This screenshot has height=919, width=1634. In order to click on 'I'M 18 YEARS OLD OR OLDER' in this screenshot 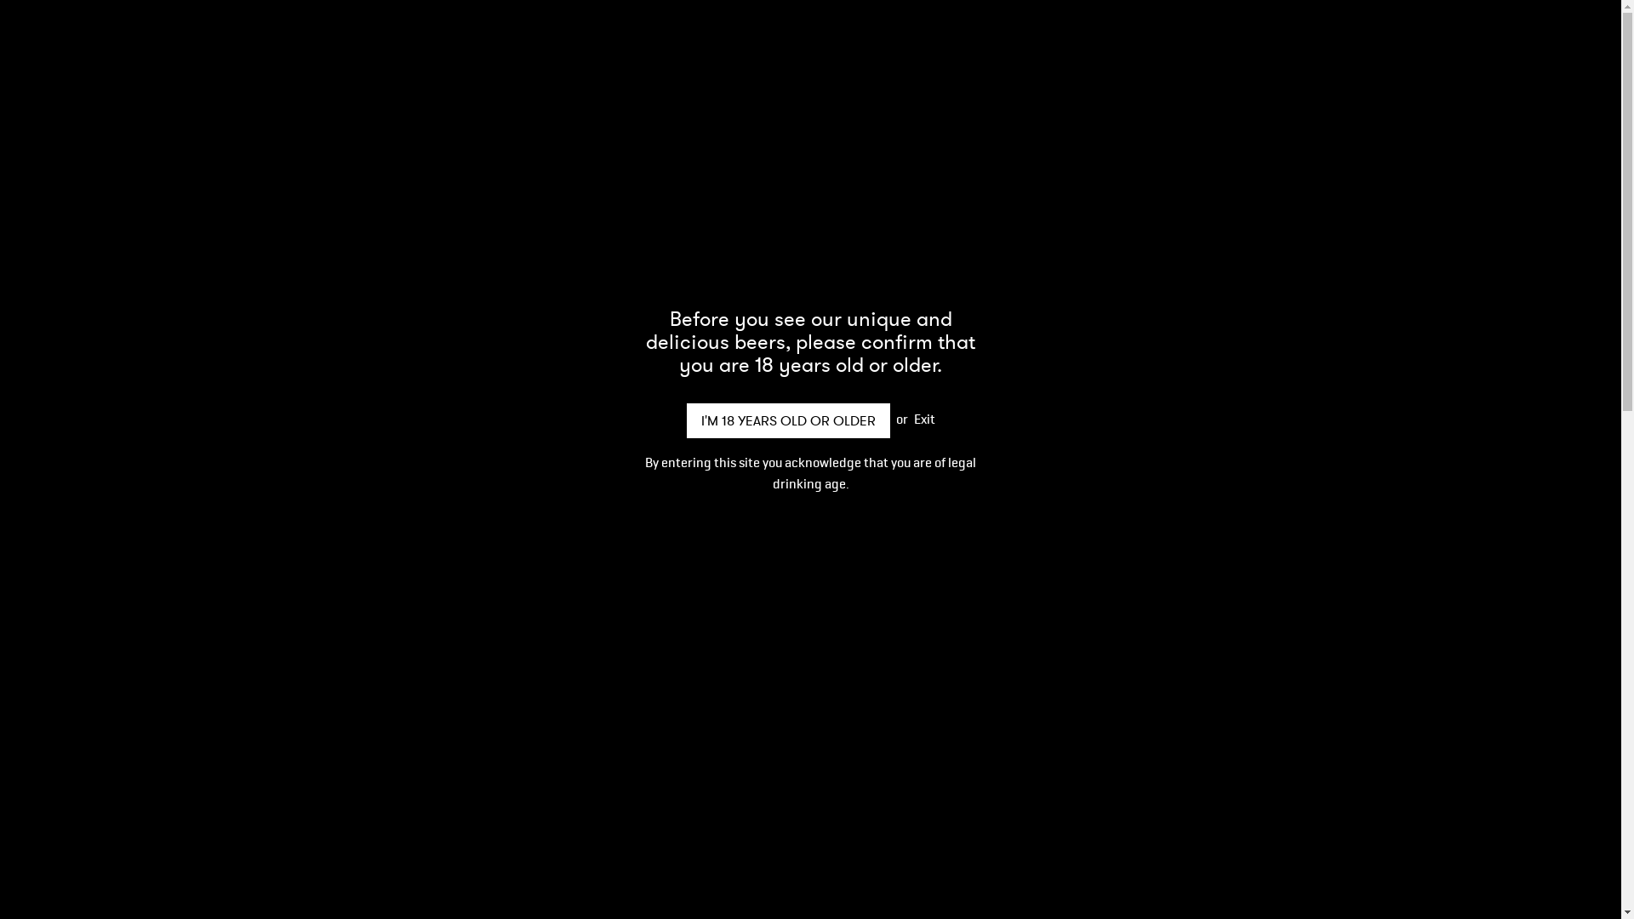, I will do `click(786, 420)`.